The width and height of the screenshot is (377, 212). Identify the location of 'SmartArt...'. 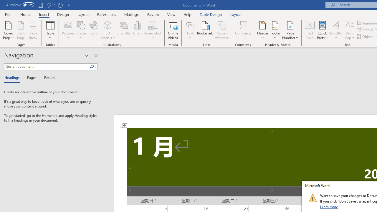
(123, 30).